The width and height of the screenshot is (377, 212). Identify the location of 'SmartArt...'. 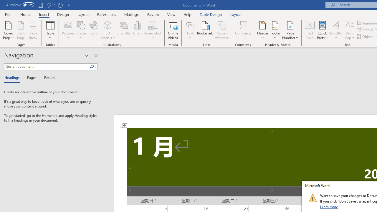
(123, 30).